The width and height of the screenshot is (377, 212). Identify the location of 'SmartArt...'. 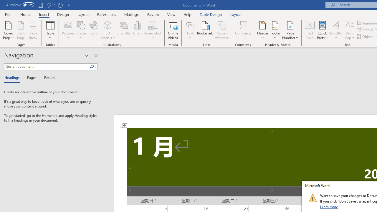
(123, 30).